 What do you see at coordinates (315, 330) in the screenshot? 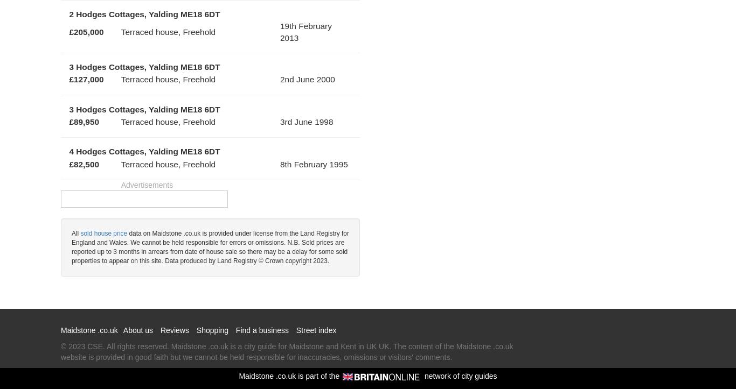
I see `'Street index'` at bounding box center [315, 330].